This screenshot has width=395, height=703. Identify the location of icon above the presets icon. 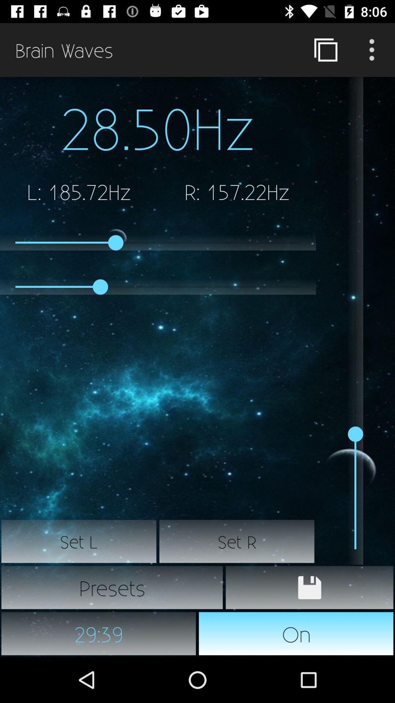
(79, 541).